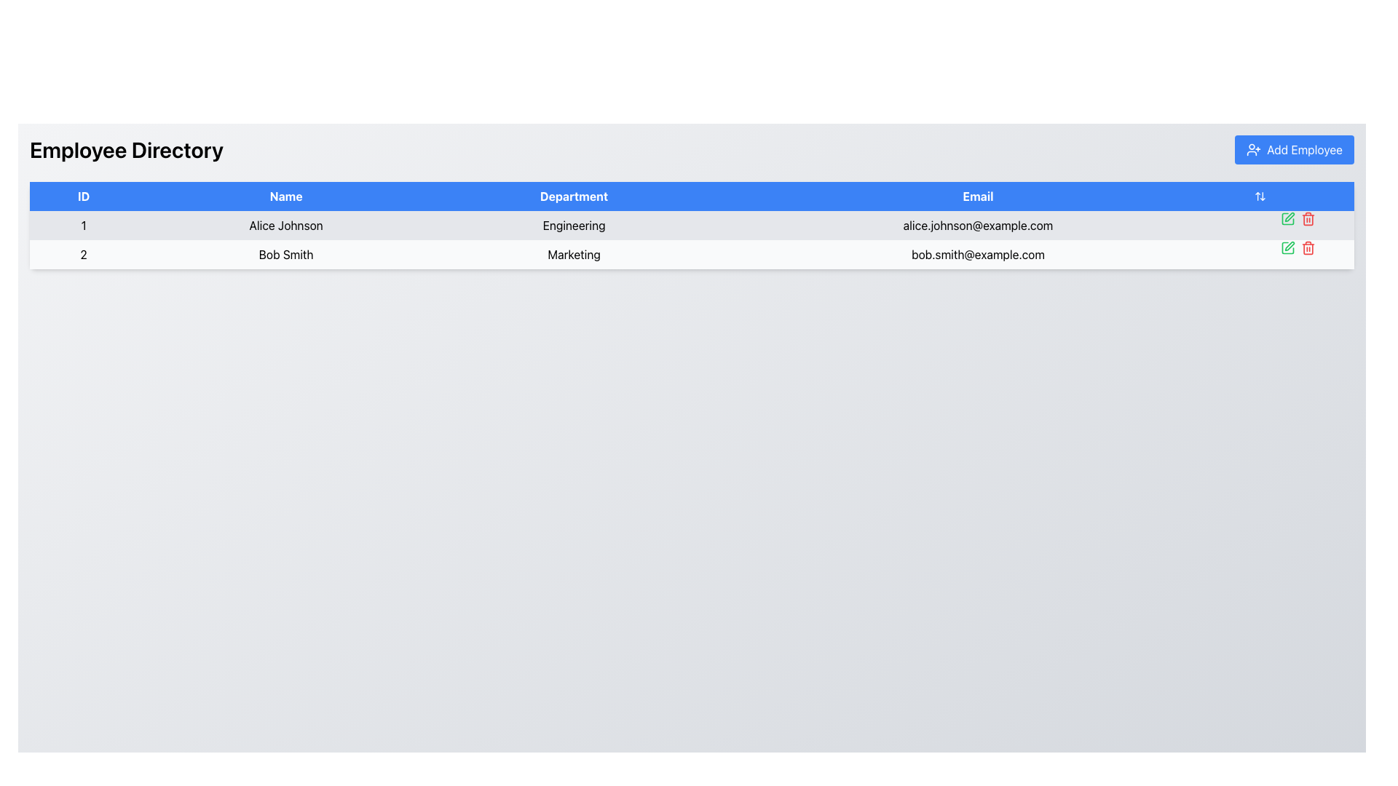 The width and height of the screenshot is (1398, 786). I want to click on the red trash can icon in the dual-action icon cluster located in the last cell of the row for 'Bob Smith', so click(1298, 247).